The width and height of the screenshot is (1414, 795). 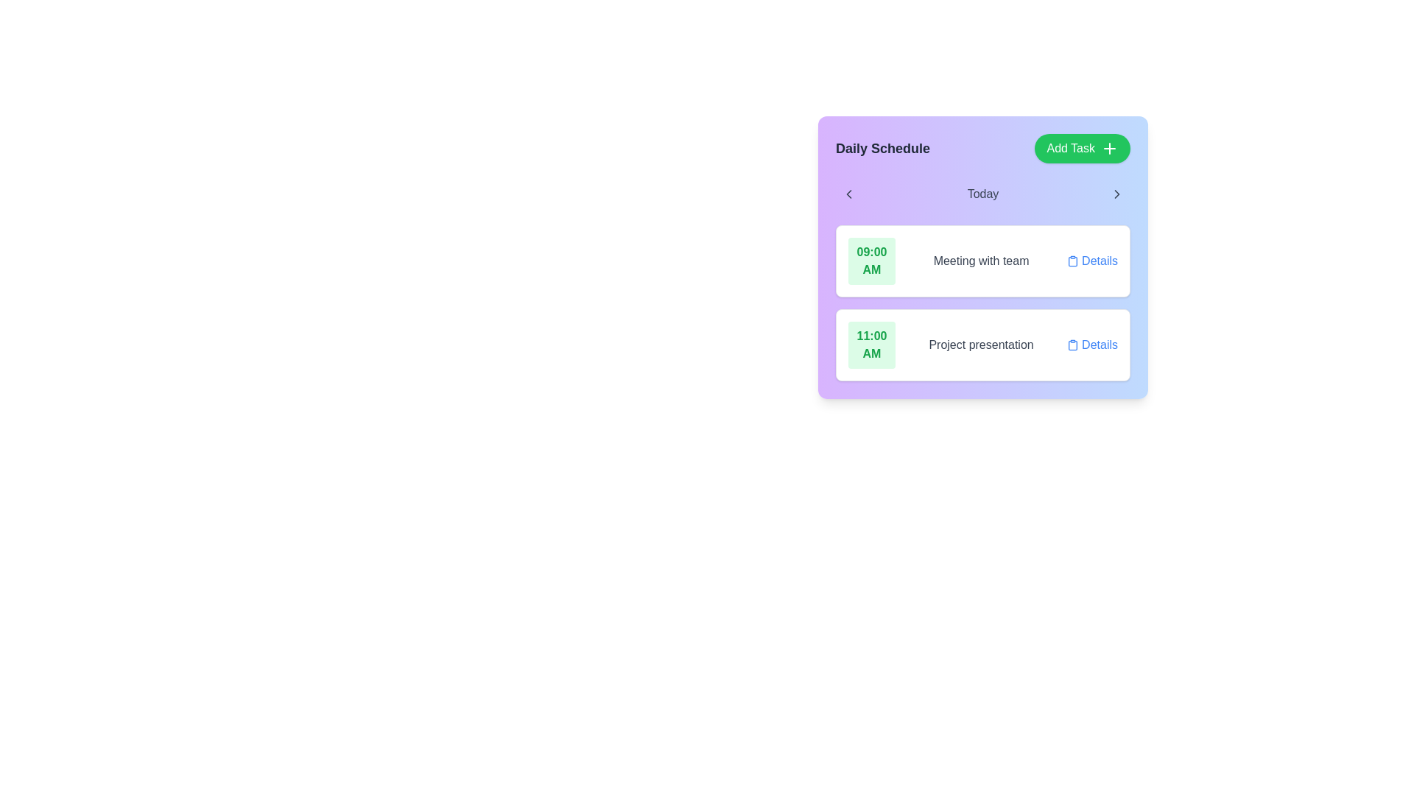 What do you see at coordinates (1116, 193) in the screenshot?
I see `the navigation icon located at the top right section of the 'Daily Schedule' component` at bounding box center [1116, 193].